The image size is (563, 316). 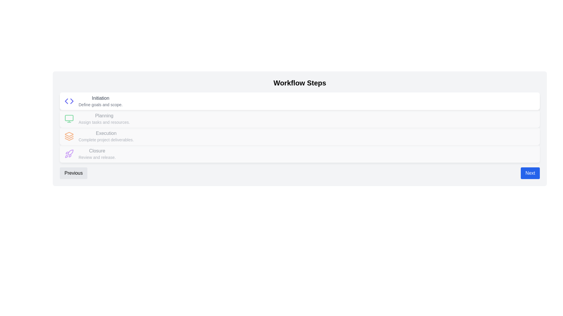 What do you see at coordinates (104, 116) in the screenshot?
I see `the 'Planning' text label, which is the second item in the 'Workflow Steps' section, displayed in medium-weight gray font on a white background` at bounding box center [104, 116].